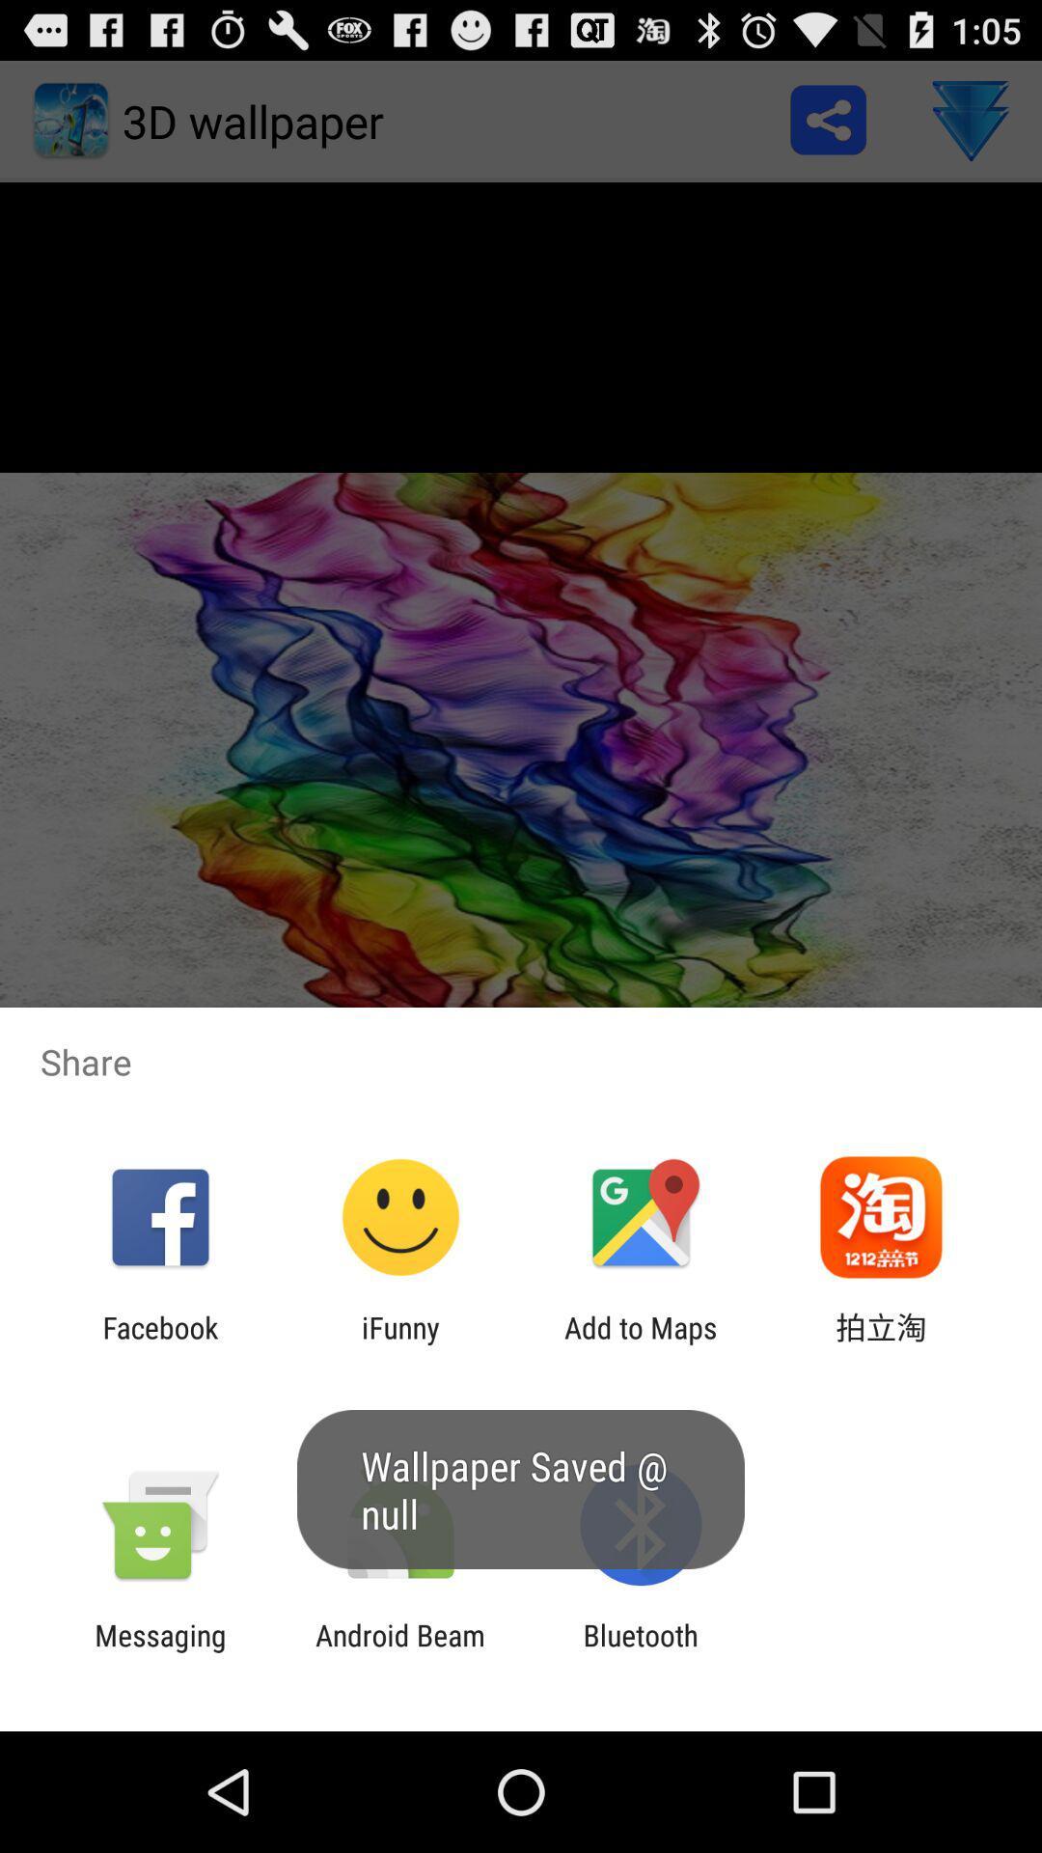  I want to click on app to the right of the facebook app, so click(399, 1343).